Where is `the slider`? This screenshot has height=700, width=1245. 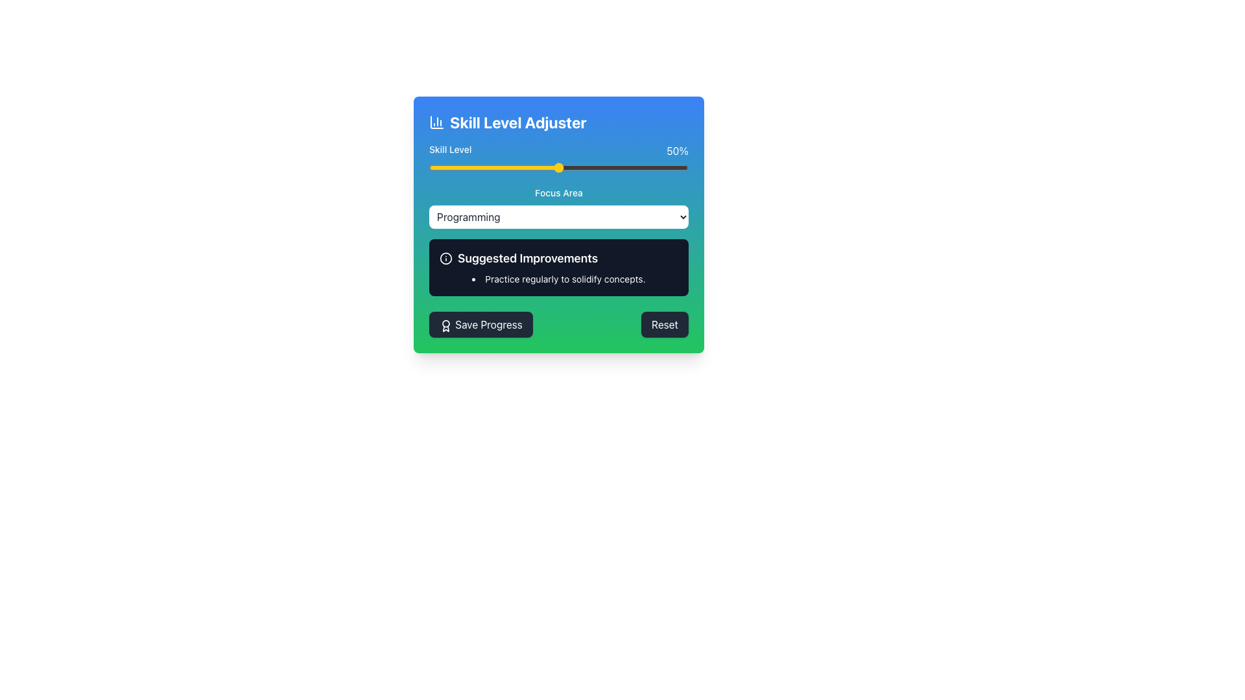 the slider is located at coordinates (467, 167).